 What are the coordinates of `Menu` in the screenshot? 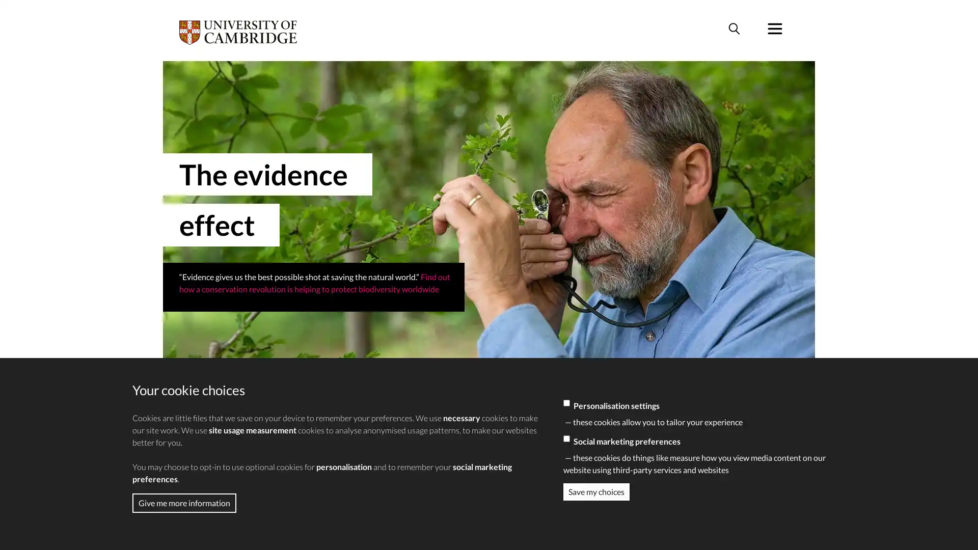 It's located at (777, 29).